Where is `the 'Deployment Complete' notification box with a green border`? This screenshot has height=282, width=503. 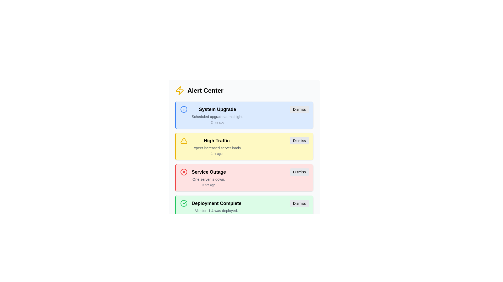 the 'Deployment Complete' notification box with a green border is located at coordinates (244, 209).